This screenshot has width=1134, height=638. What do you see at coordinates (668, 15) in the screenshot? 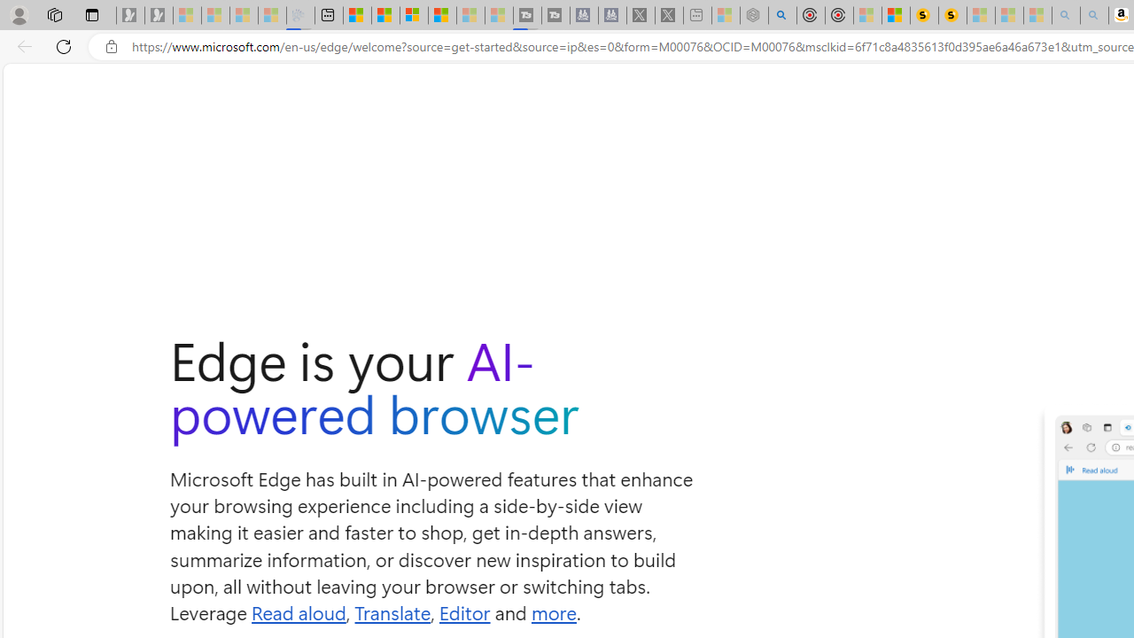
I see `'X - Sleeping'` at bounding box center [668, 15].